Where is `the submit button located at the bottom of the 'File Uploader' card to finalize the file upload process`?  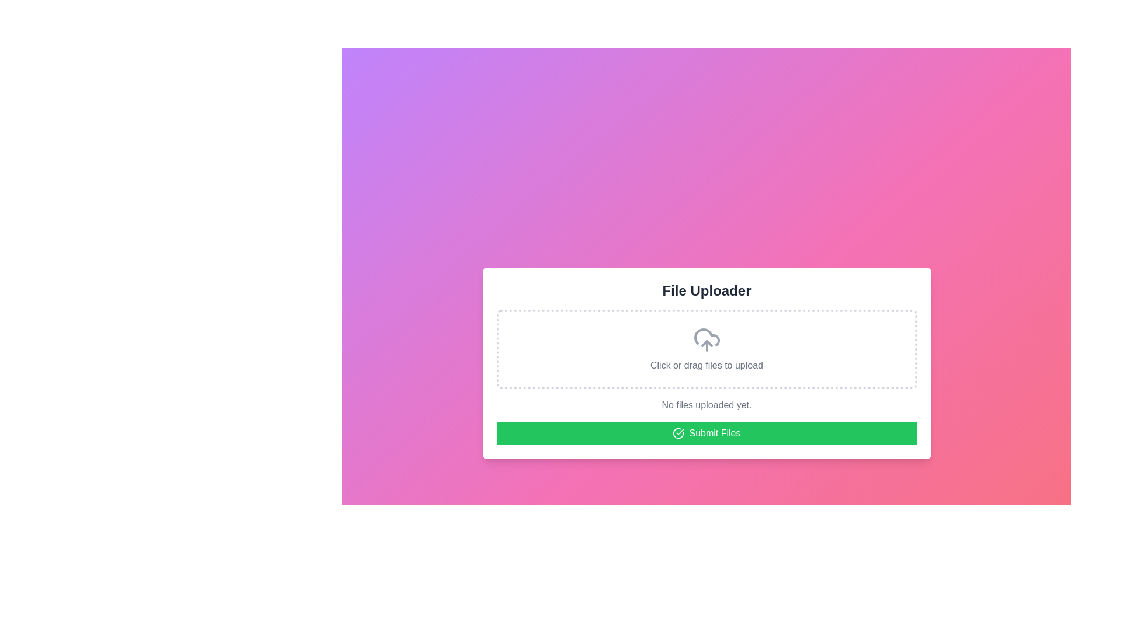
the submit button located at the bottom of the 'File Uploader' card to finalize the file upload process is located at coordinates (706, 433).